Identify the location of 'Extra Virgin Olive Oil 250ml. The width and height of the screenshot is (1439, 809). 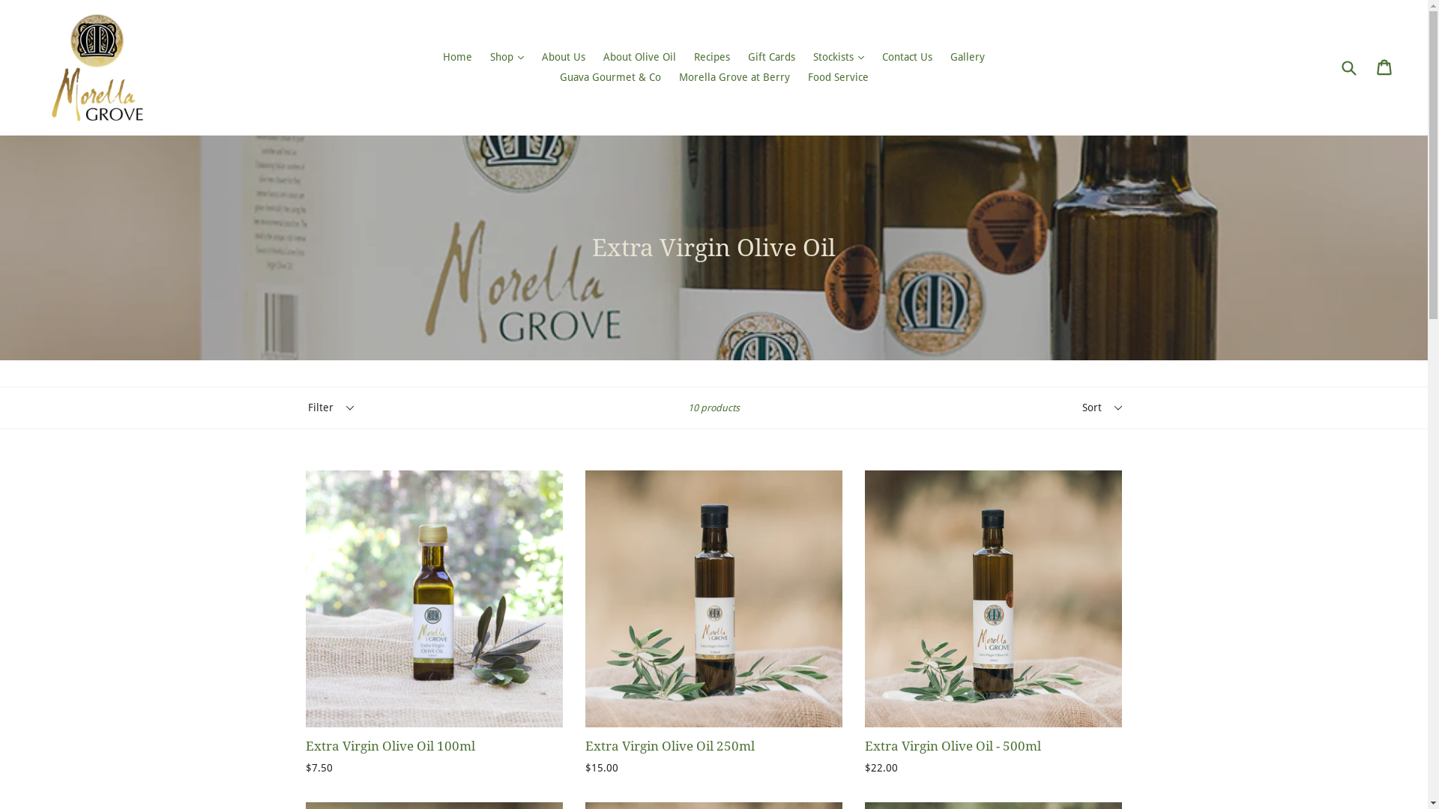
(713, 623).